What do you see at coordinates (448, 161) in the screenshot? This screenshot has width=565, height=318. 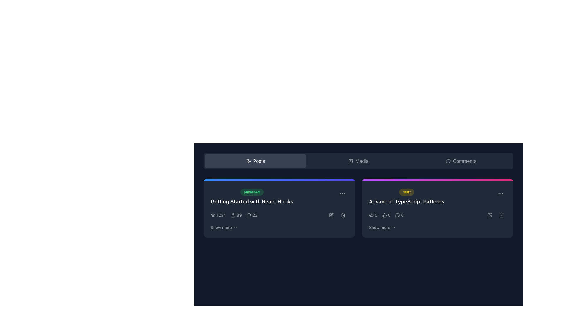 I see `the small comment bubble icon located within the 'Comments' button at the top-right corner of the user interface` at bounding box center [448, 161].